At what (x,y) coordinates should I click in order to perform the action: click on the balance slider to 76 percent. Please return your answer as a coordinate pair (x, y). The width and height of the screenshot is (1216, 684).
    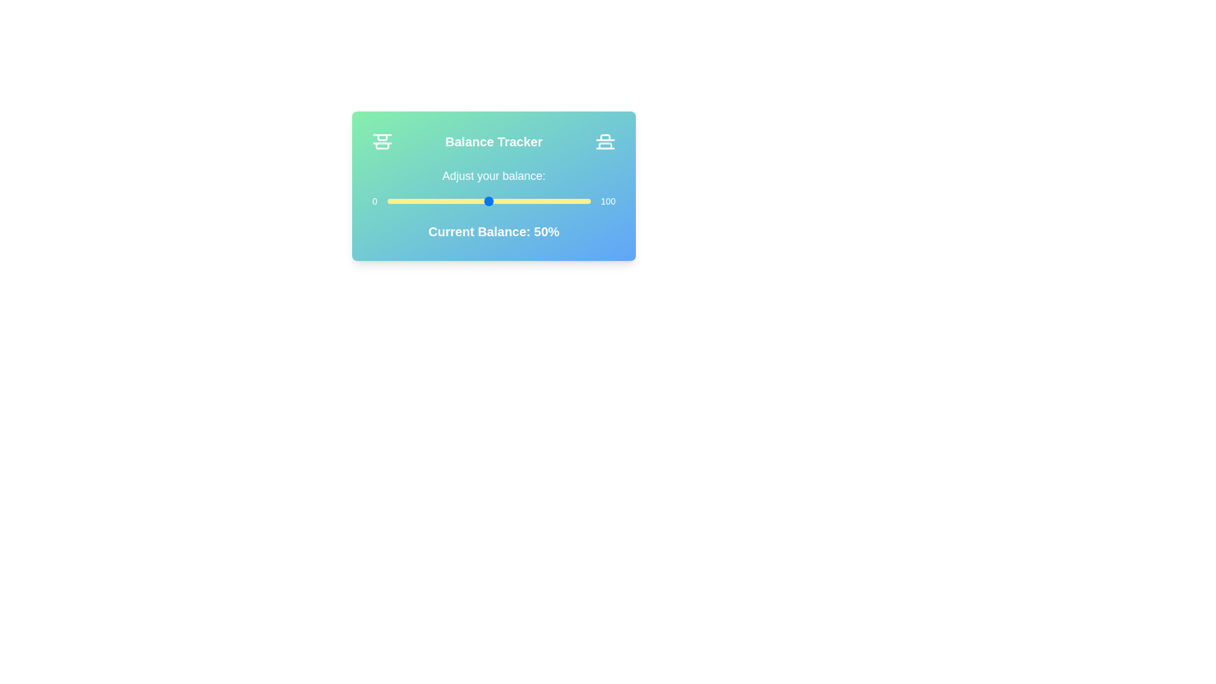
    Looking at the image, I should click on (541, 200).